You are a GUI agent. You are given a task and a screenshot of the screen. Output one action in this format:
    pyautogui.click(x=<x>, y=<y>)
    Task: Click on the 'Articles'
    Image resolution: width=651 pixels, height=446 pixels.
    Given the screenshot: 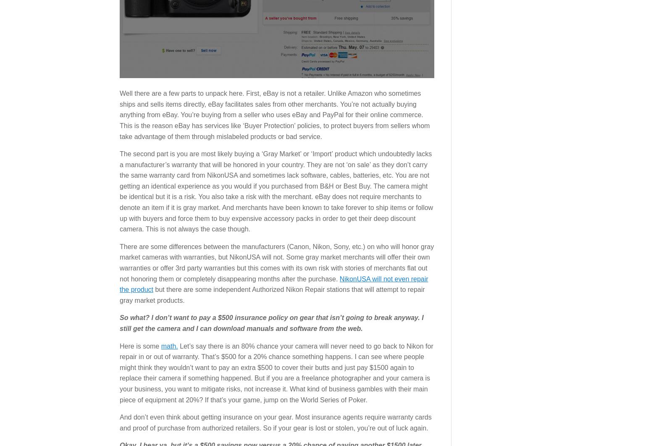 What is the action you would take?
    pyautogui.click(x=127, y=205)
    